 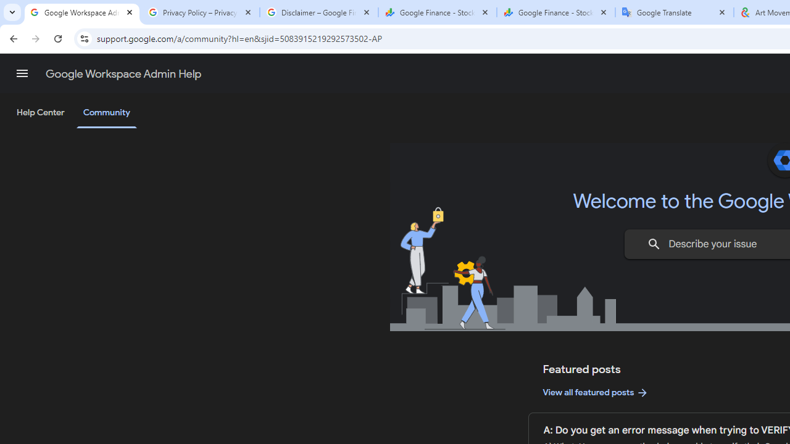 What do you see at coordinates (40, 113) in the screenshot?
I see `'Help Center'` at bounding box center [40, 113].